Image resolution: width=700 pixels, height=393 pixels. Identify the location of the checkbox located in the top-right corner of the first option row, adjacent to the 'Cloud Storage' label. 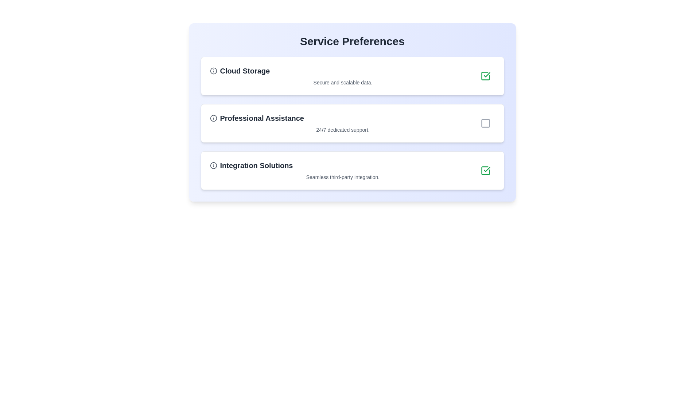
(485, 76).